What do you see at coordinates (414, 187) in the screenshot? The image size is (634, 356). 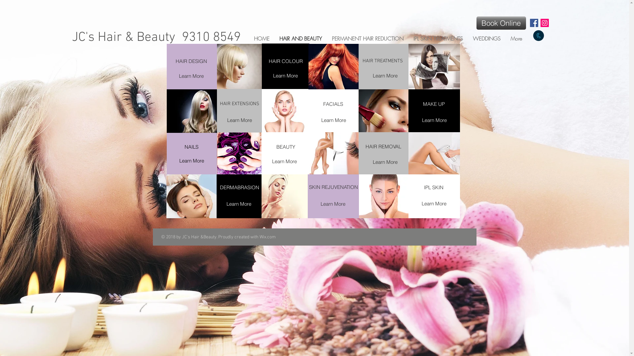 I see `'IPL SKIN'` at bounding box center [414, 187].